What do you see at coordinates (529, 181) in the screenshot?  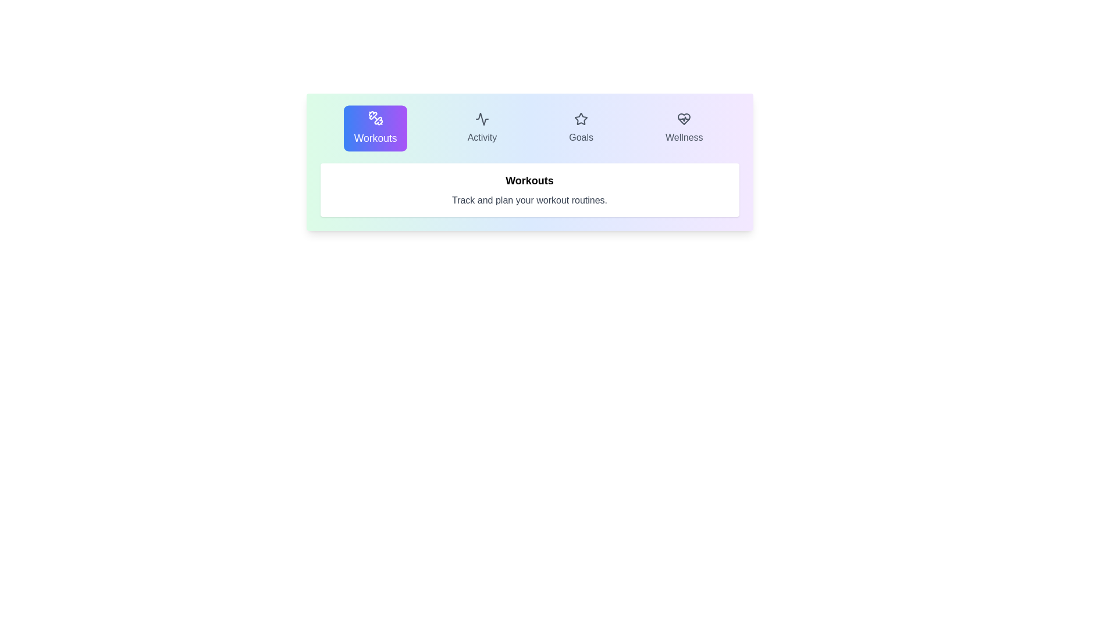 I see `the text label that serves as a header or title, positioned at the top-center of a white box with rounded edges and a shadow` at bounding box center [529, 181].